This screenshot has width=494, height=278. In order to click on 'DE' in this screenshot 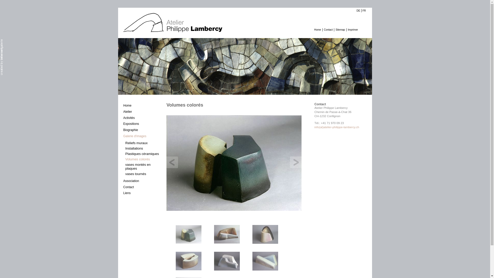, I will do `click(355, 11)`.